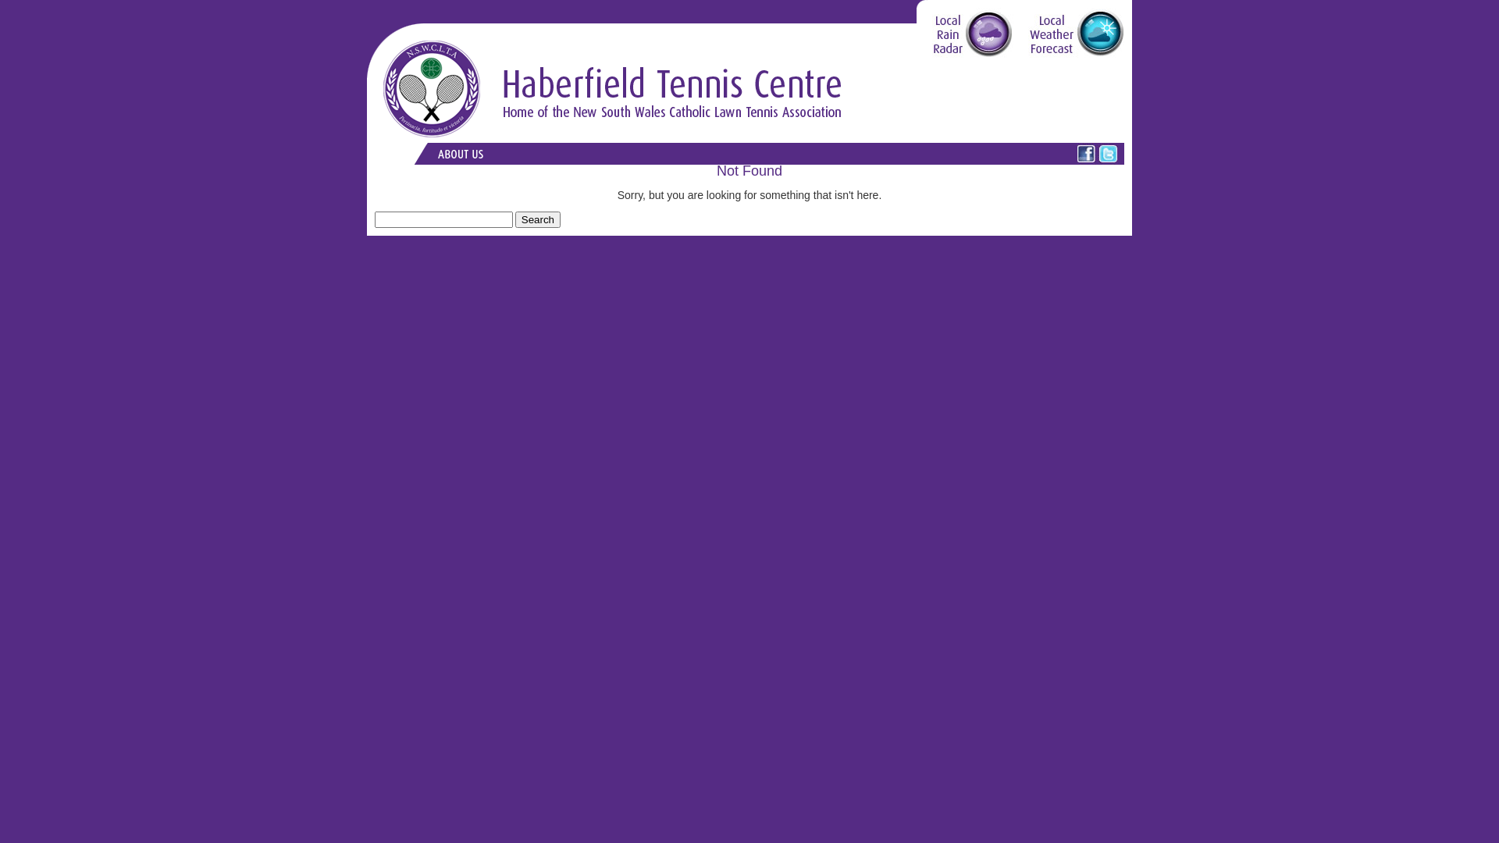  Describe the element at coordinates (429, 153) in the screenshot. I see `'About Us'` at that location.